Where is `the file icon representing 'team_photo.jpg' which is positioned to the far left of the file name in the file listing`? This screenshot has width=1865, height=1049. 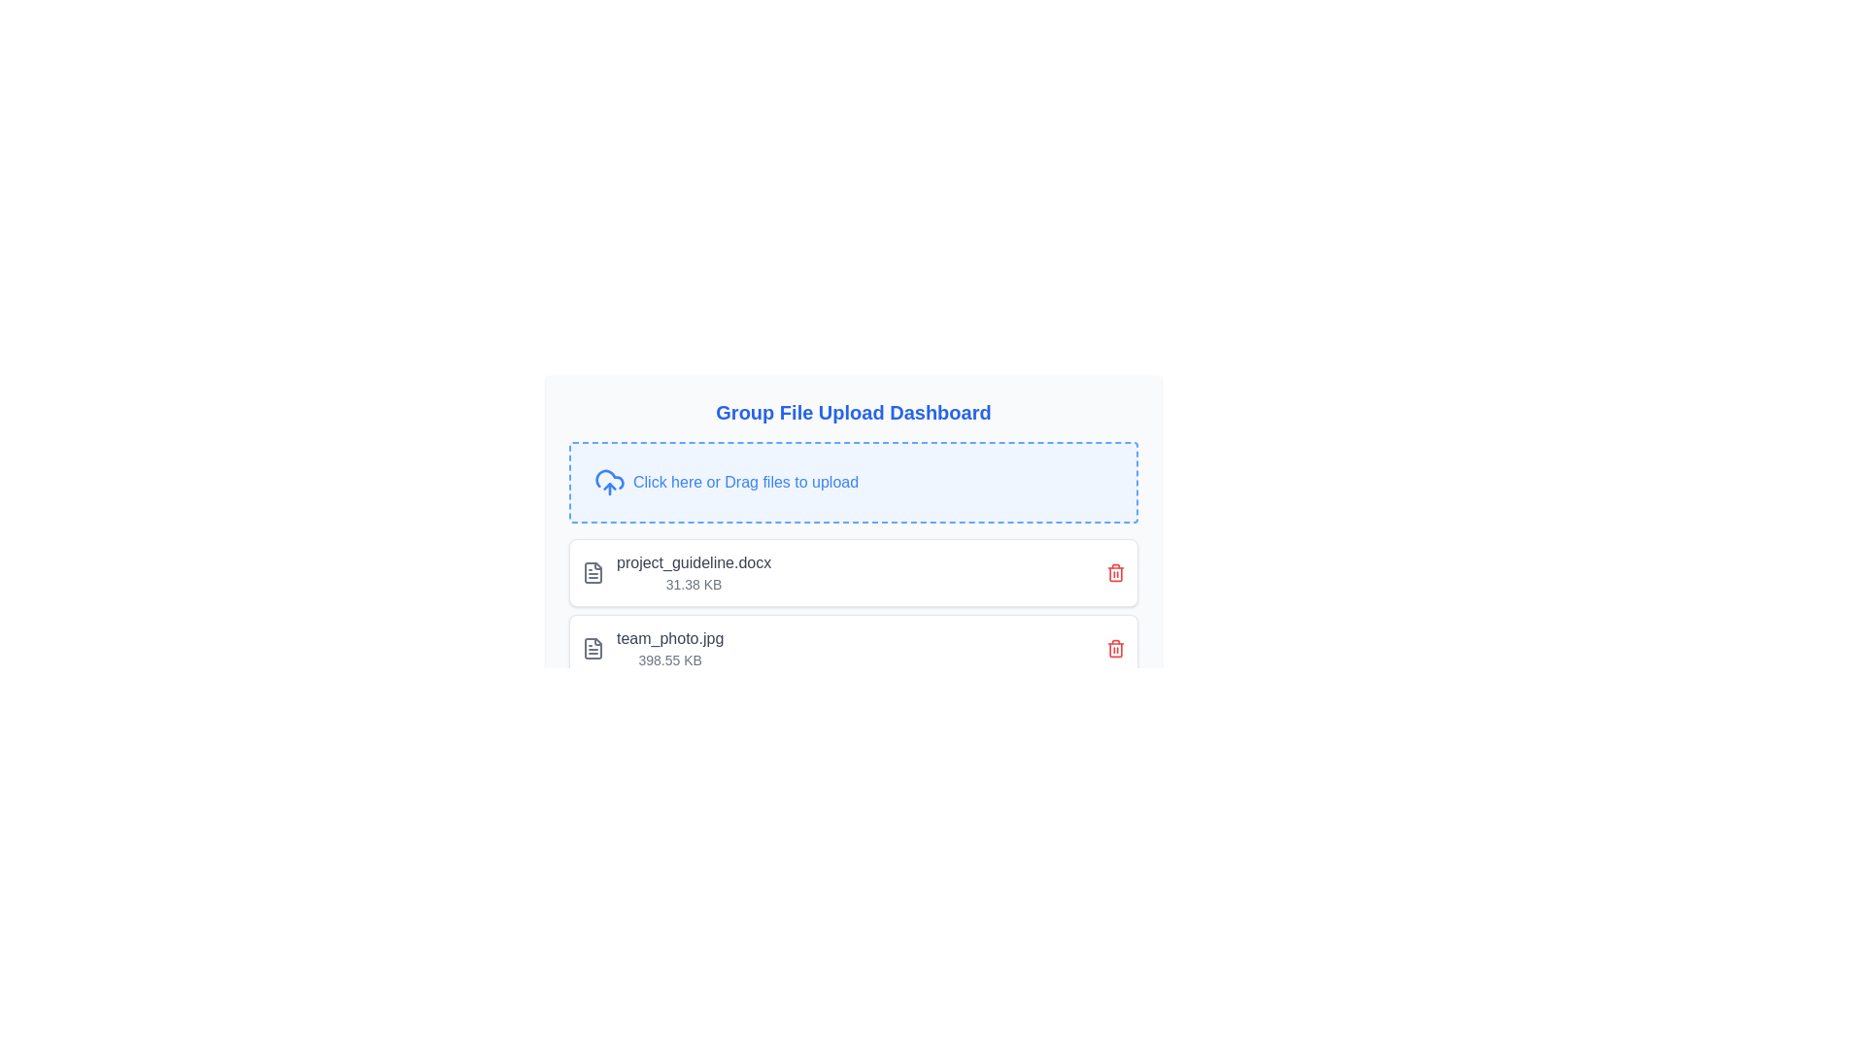 the file icon representing 'team_photo.jpg' which is positioned to the far left of the file name in the file listing is located at coordinates (592, 648).